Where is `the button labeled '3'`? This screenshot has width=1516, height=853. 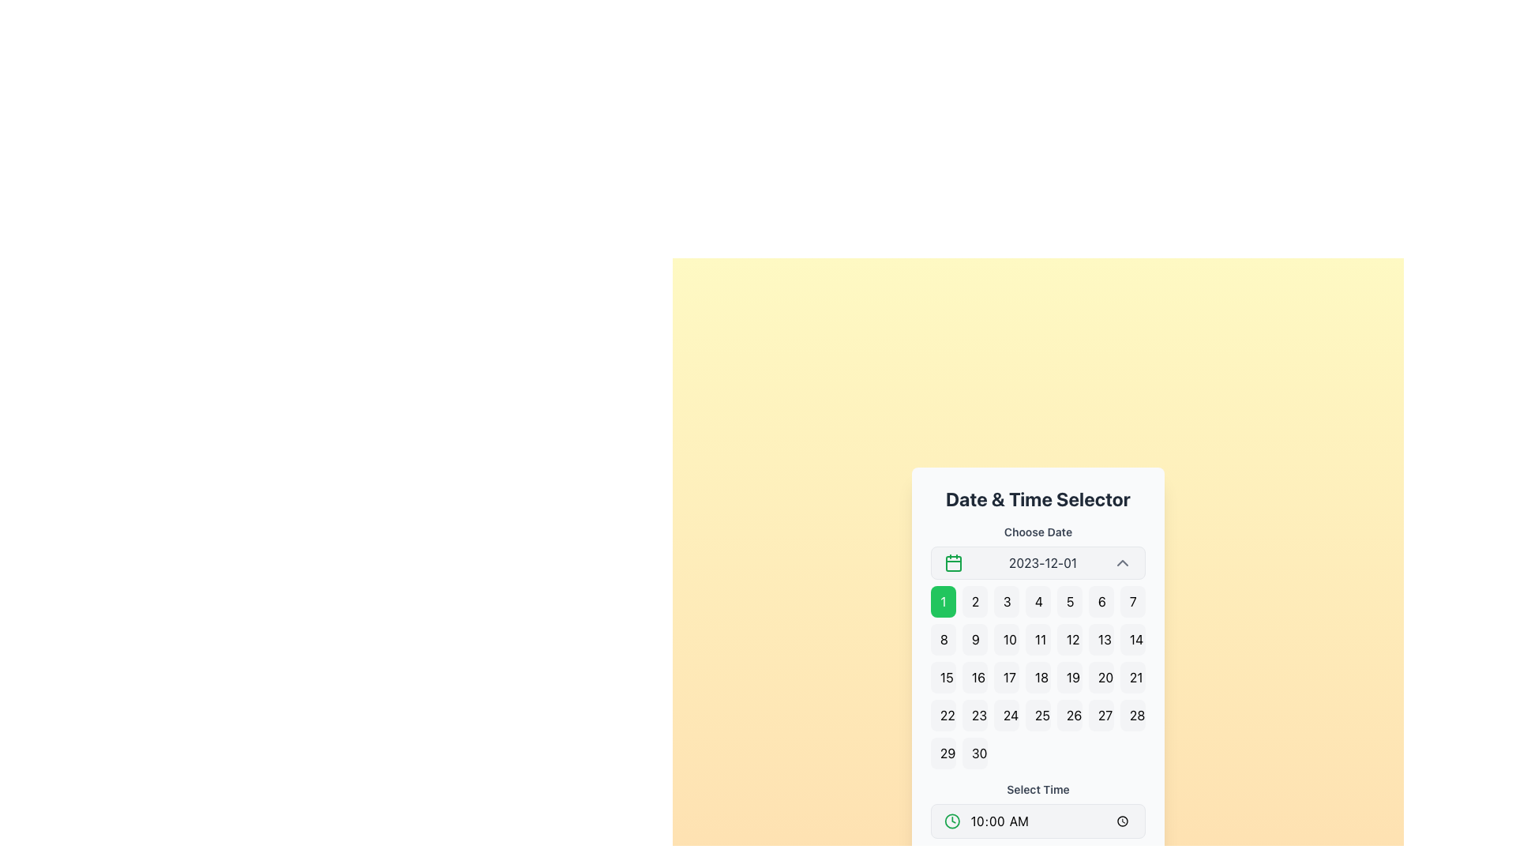 the button labeled '3' is located at coordinates (1006, 602).